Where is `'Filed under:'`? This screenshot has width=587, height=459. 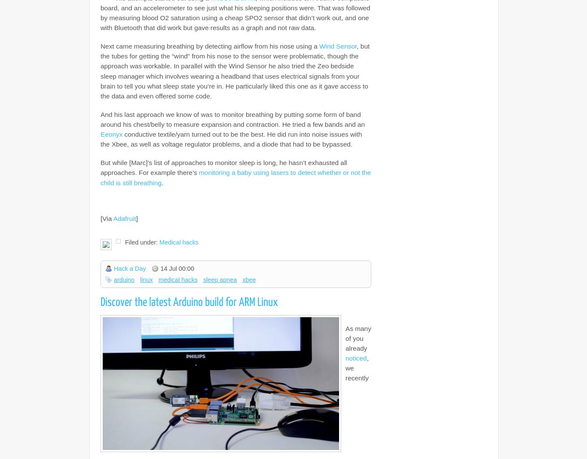
'Filed under:' is located at coordinates (142, 242).